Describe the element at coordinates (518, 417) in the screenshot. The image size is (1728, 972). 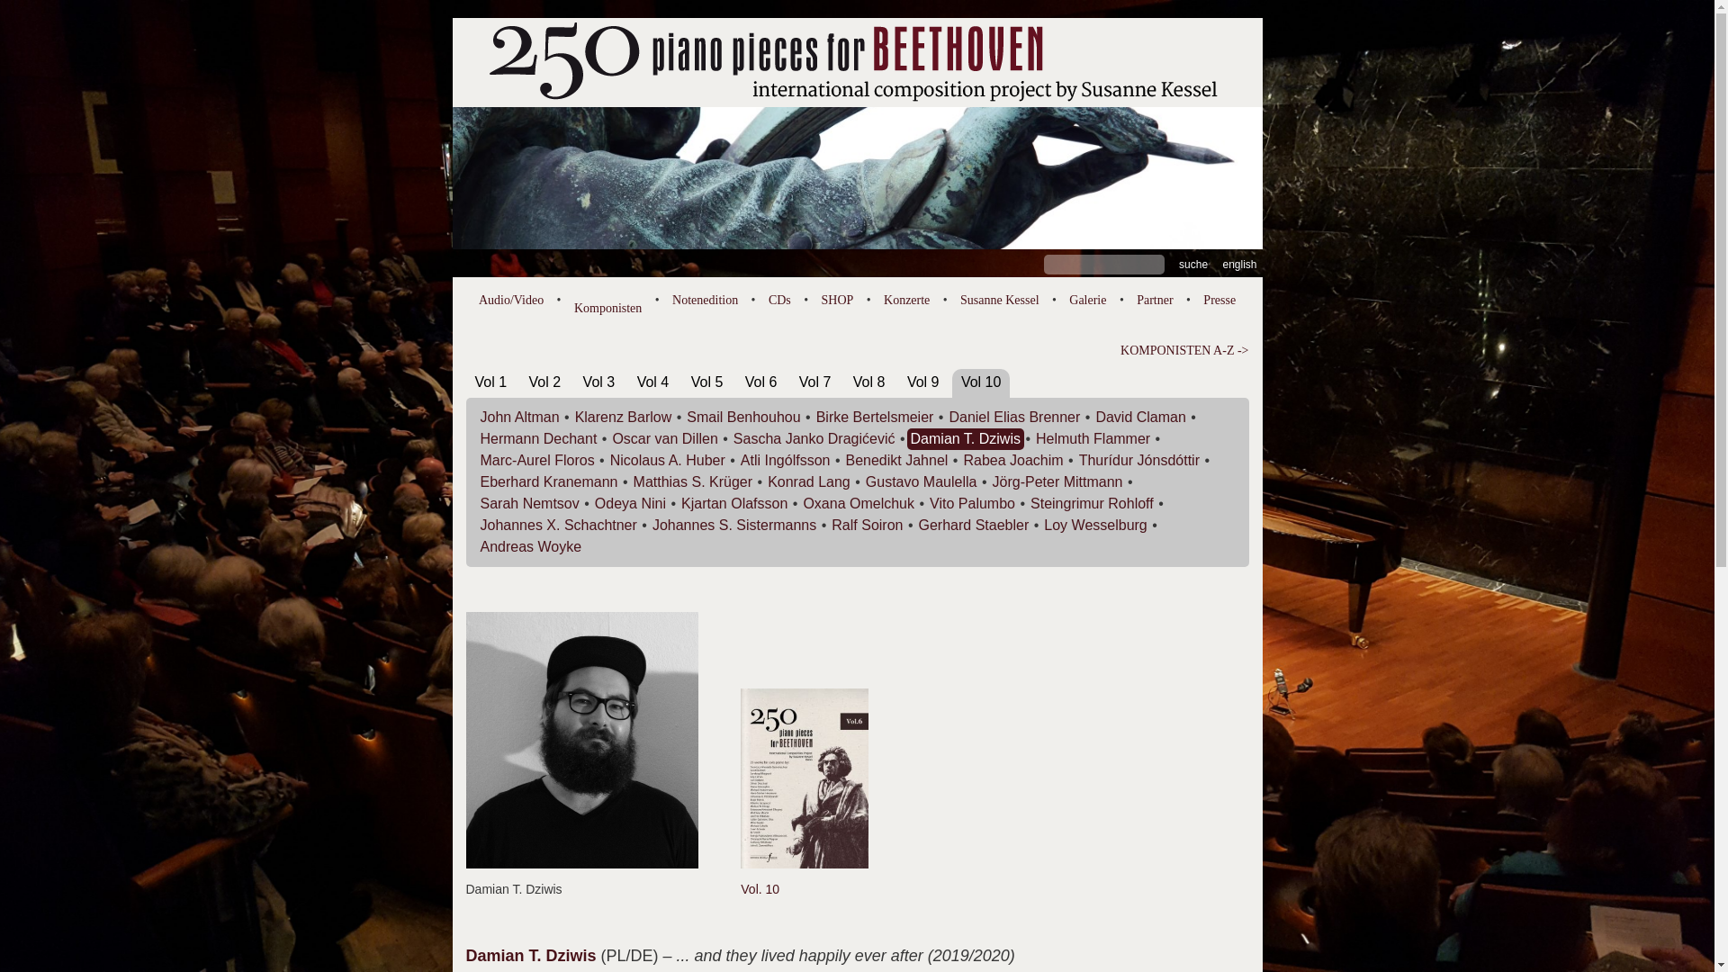
I see `'John Altman'` at that location.